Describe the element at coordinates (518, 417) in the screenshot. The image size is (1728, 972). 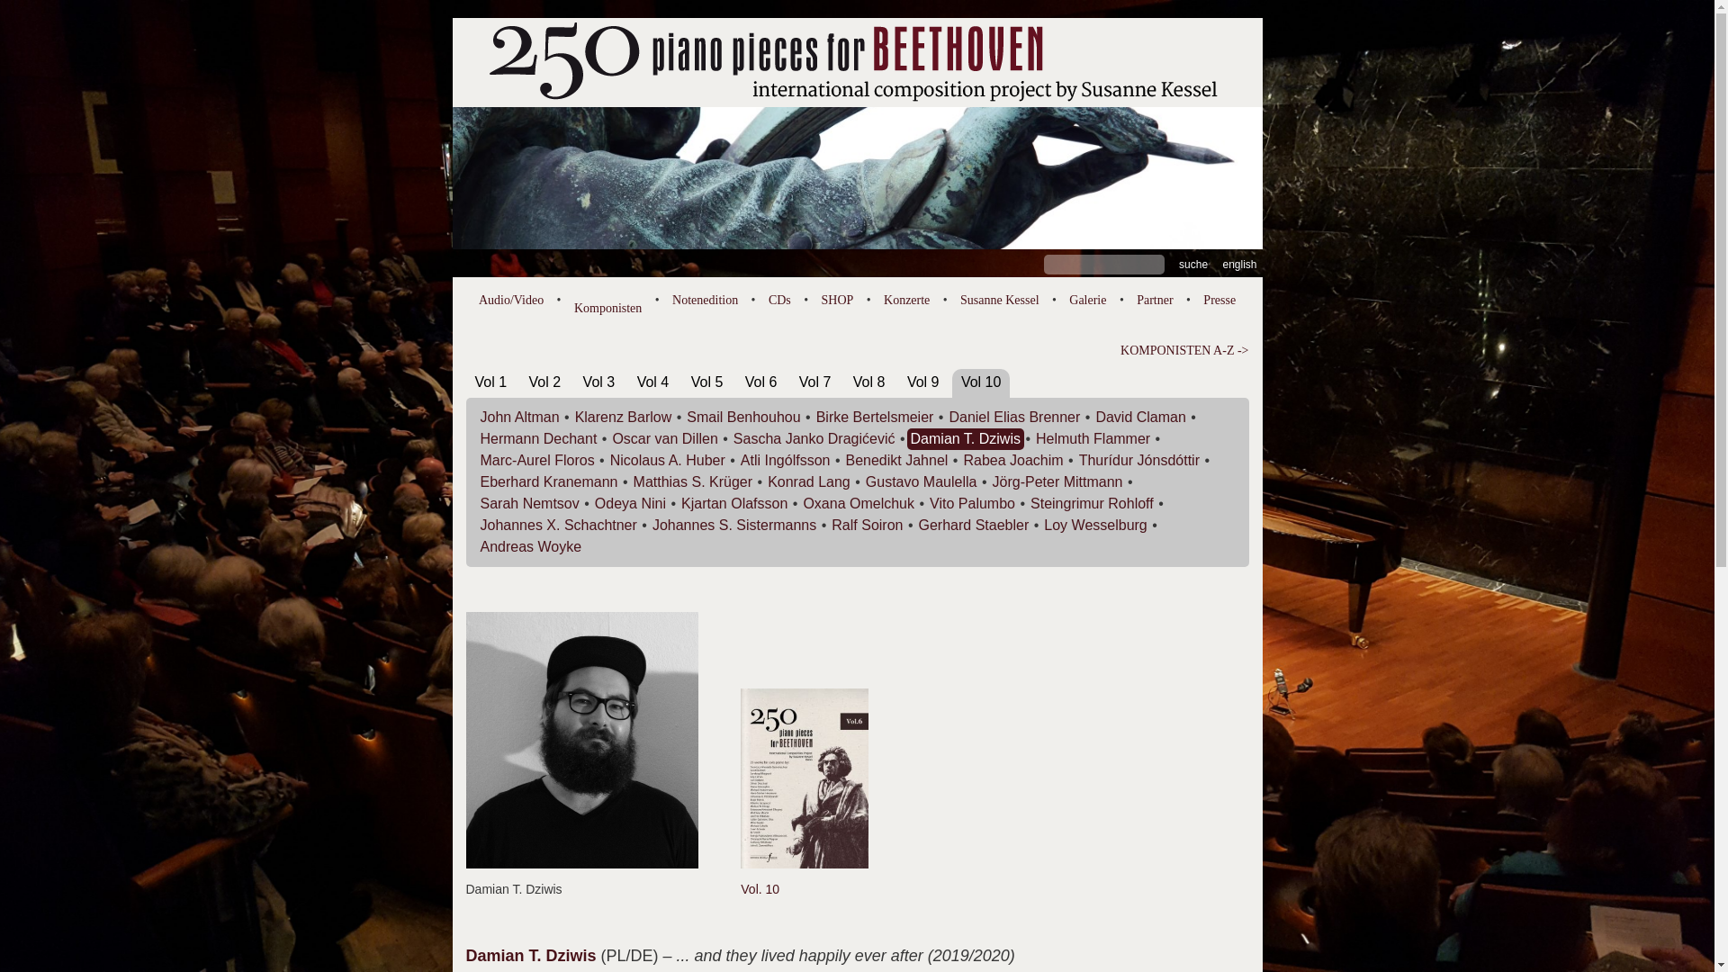
I see `'John Altman'` at that location.